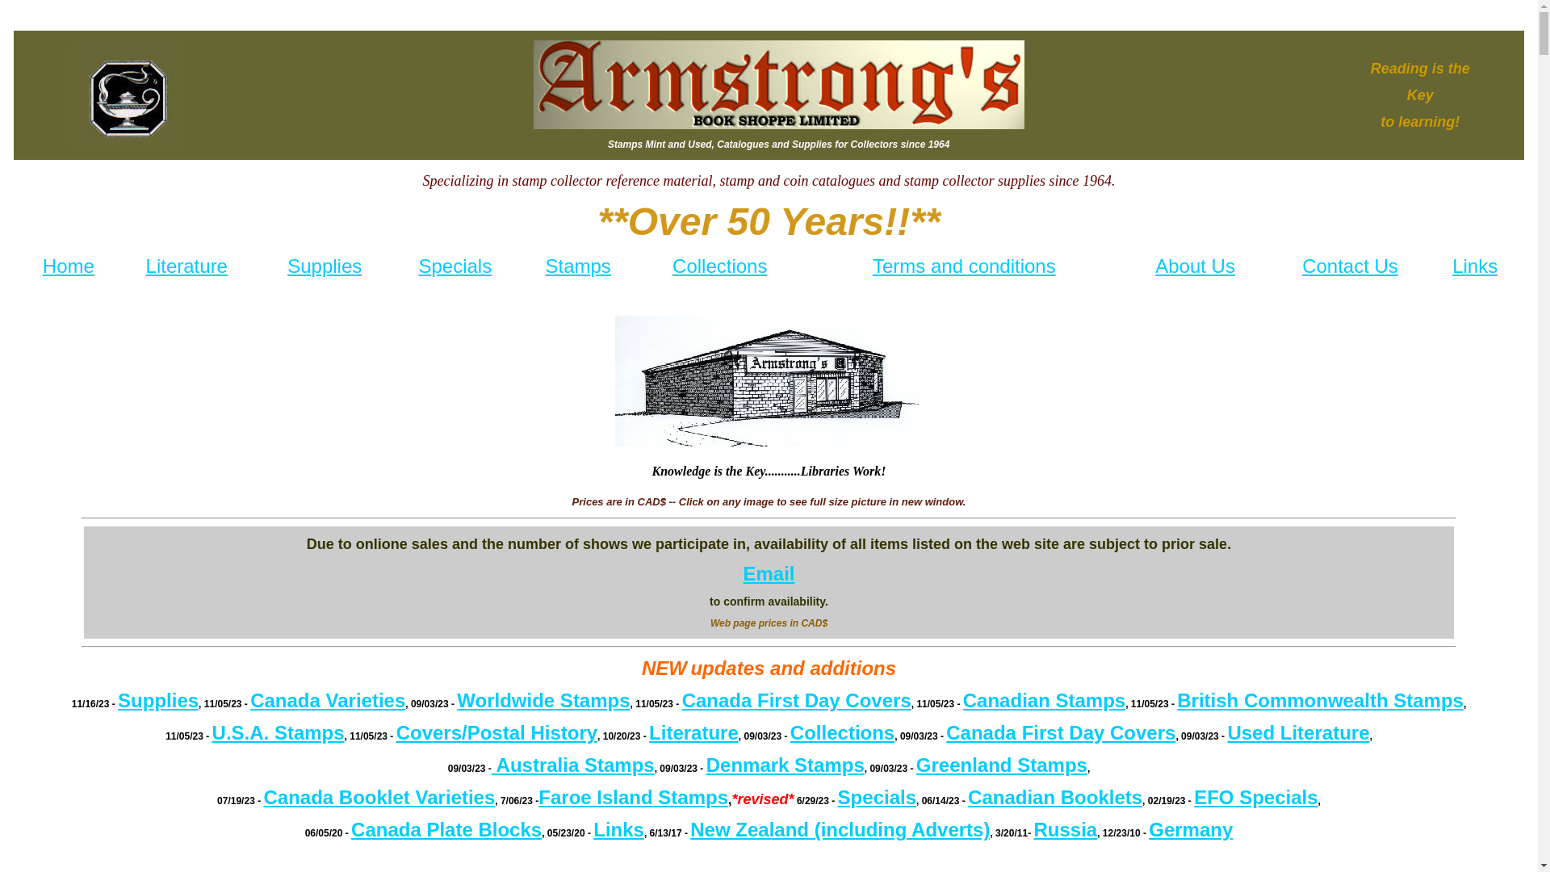  What do you see at coordinates (915, 764) in the screenshot?
I see `'Greenland Stamps'` at bounding box center [915, 764].